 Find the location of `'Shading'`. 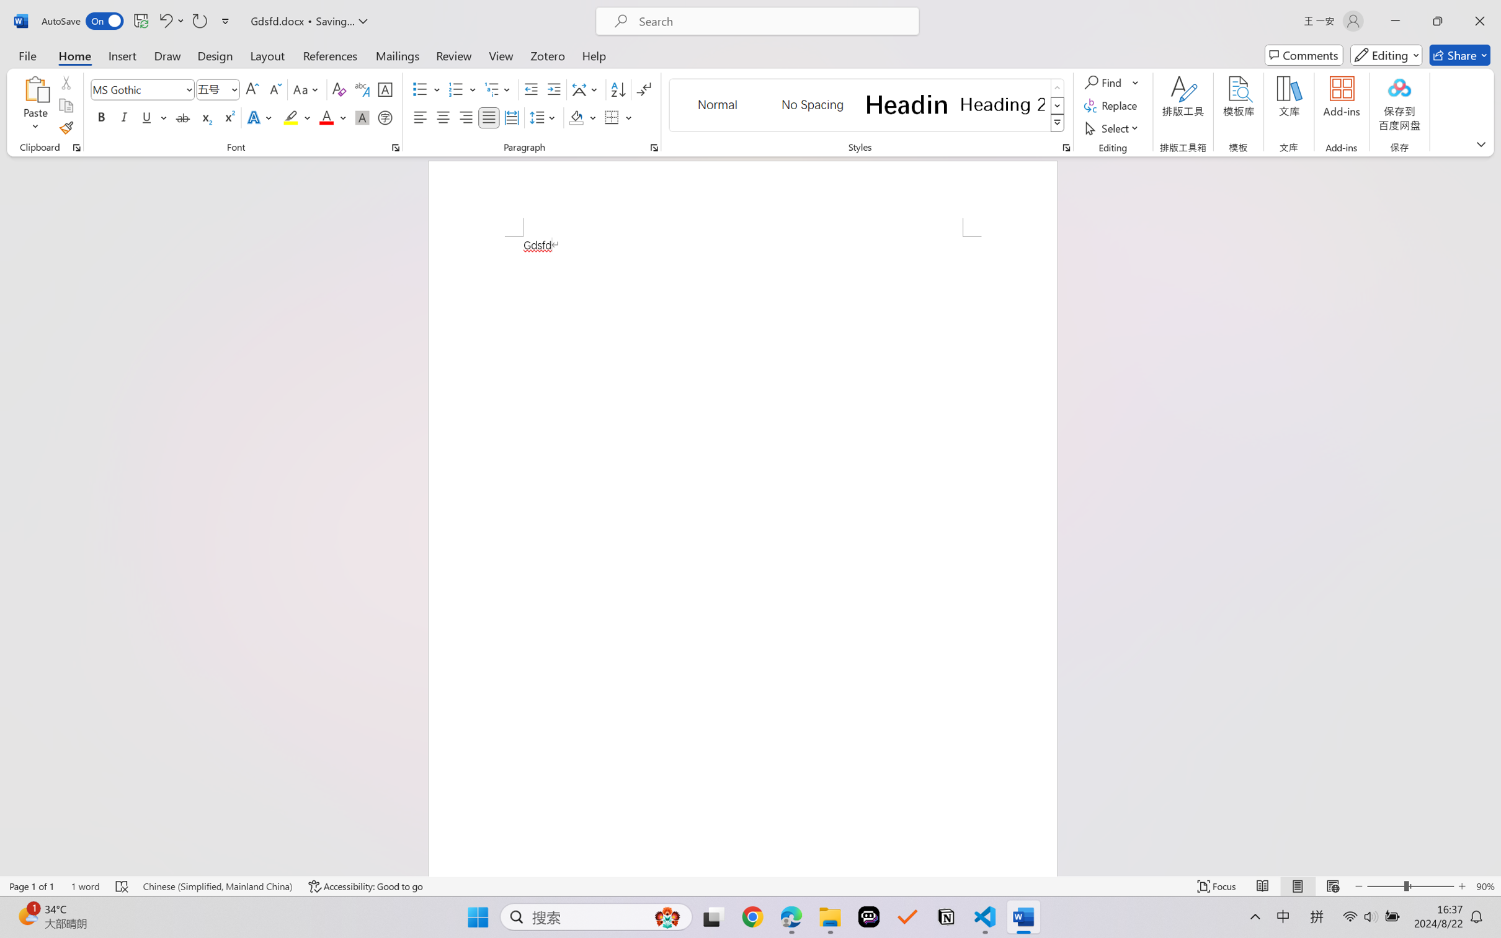

'Shading' is located at coordinates (582, 117).